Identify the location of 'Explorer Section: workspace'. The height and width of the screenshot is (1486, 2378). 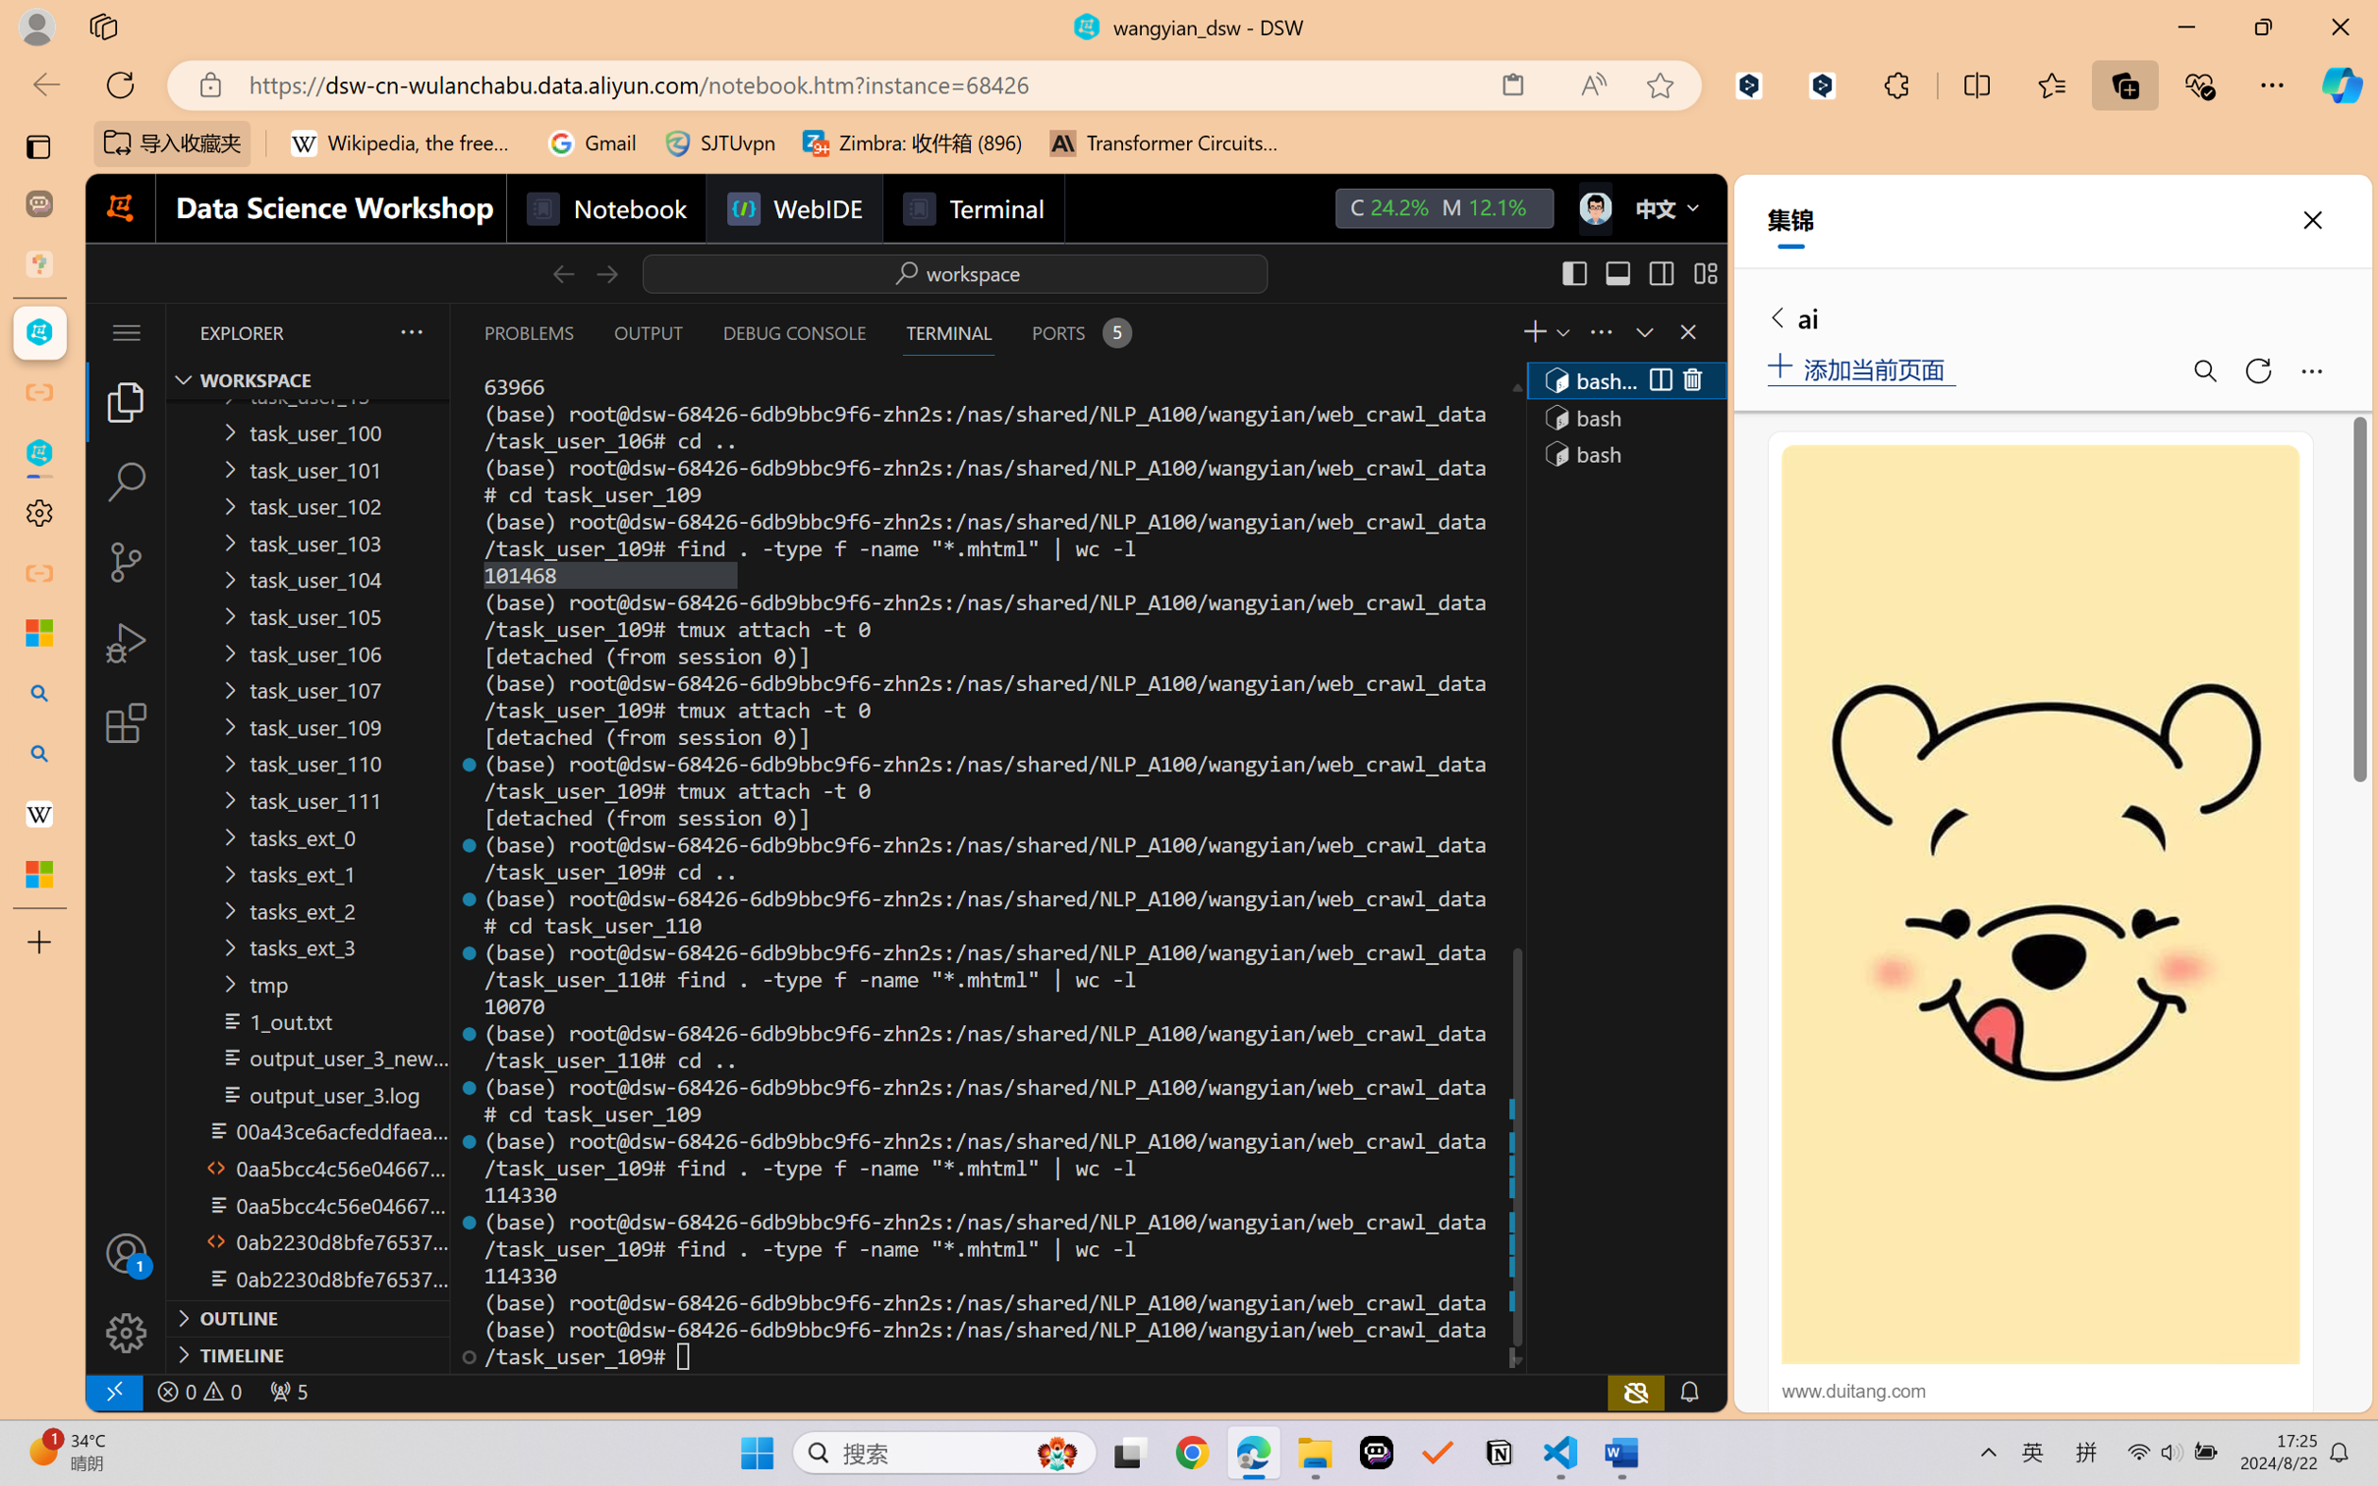
(308, 379).